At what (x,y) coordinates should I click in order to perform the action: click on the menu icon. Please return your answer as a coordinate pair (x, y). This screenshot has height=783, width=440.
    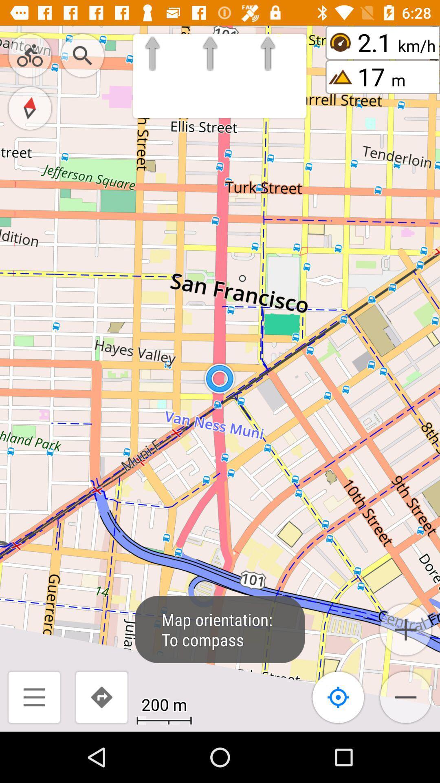
    Looking at the image, I should click on (34, 697).